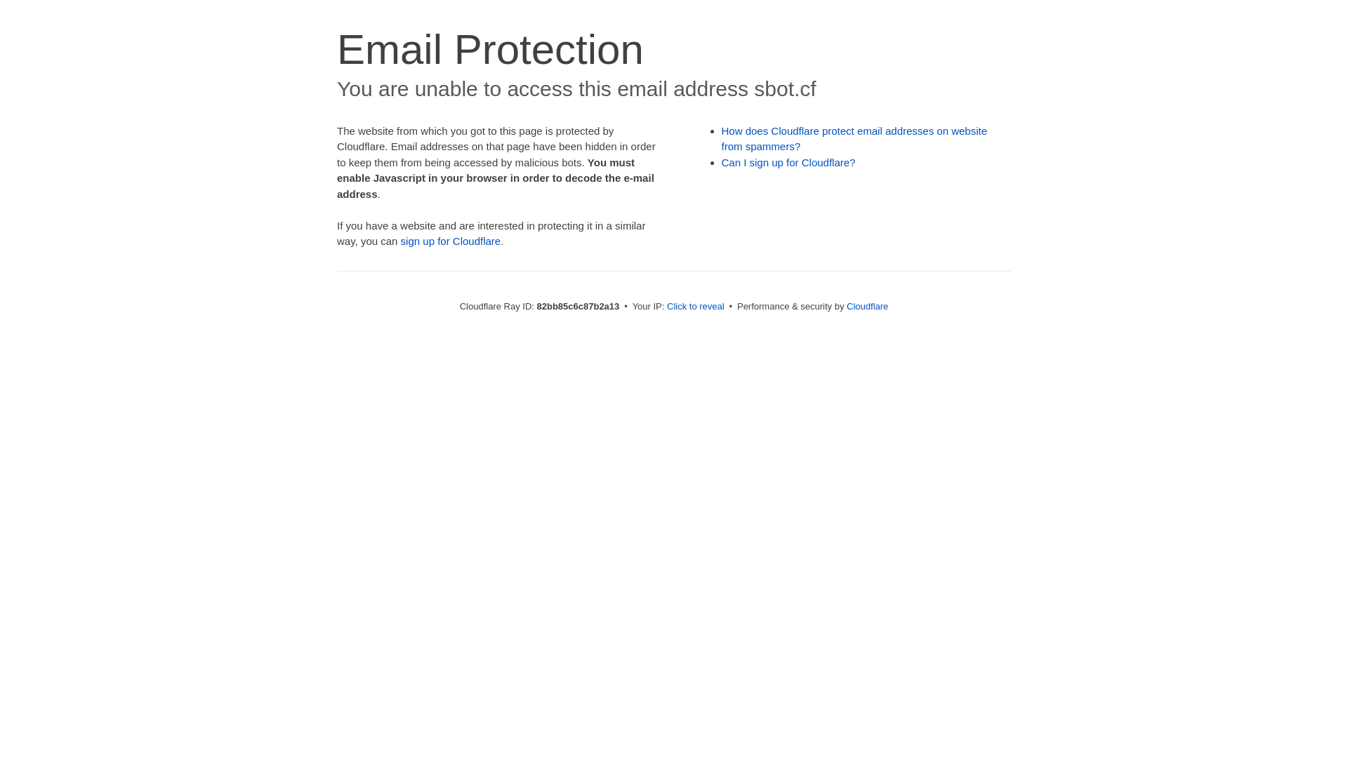 The height and width of the screenshot is (758, 1348). What do you see at coordinates (695, 305) in the screenshot?
I see `'Click to reveal'` at bounding box center [695, 305].